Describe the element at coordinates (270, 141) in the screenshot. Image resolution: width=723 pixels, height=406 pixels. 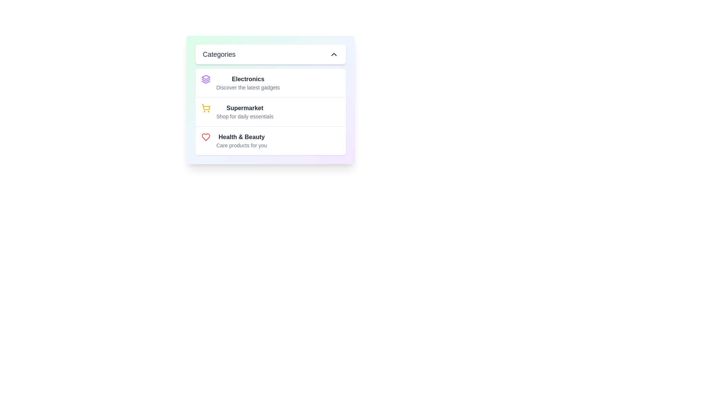
I see `the third list item in the vertically stacked list for 'Health & Beauty' products` at that location.